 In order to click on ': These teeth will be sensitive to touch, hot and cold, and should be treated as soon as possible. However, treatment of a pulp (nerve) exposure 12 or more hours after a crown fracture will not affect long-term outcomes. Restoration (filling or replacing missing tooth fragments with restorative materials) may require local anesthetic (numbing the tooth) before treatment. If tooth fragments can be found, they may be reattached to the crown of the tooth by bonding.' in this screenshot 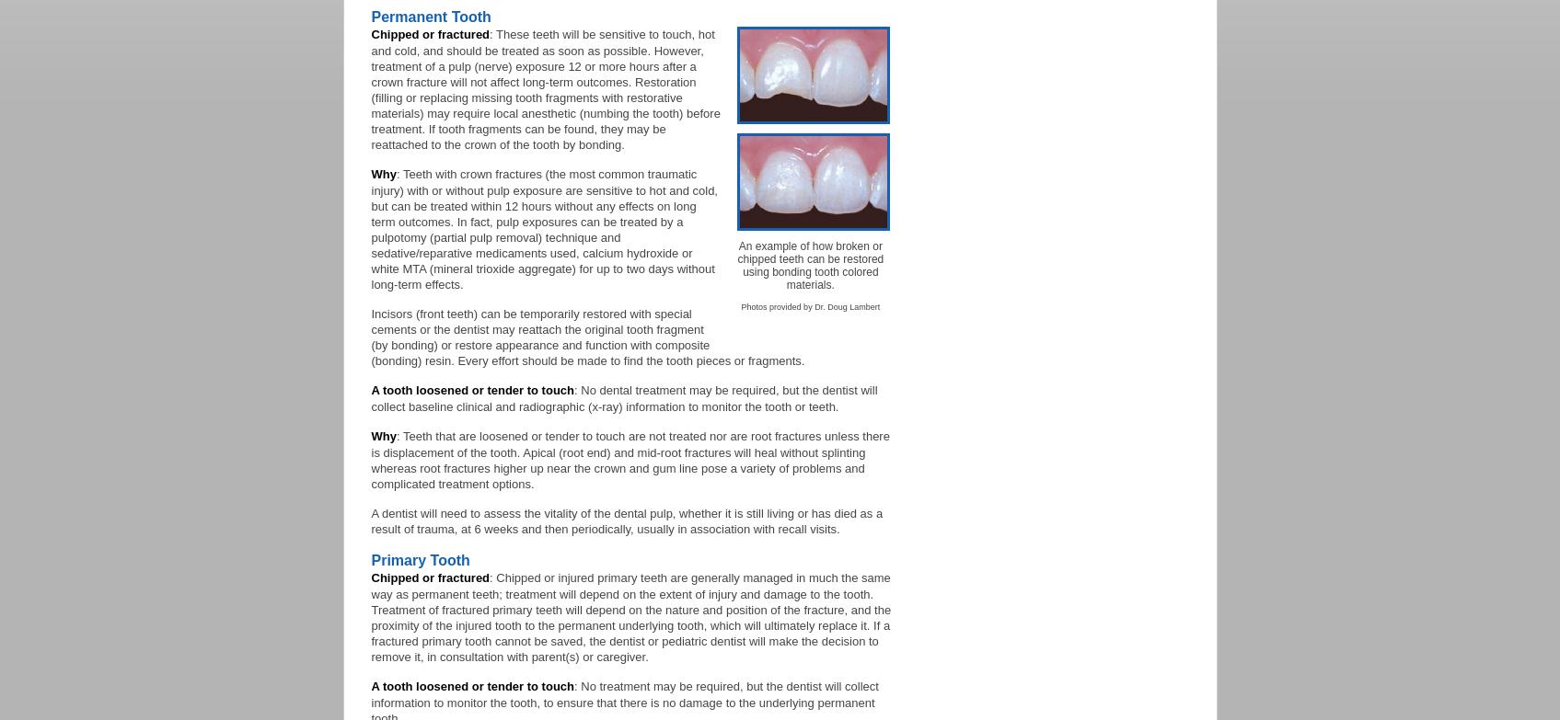, I will do `click(371, 89)`.